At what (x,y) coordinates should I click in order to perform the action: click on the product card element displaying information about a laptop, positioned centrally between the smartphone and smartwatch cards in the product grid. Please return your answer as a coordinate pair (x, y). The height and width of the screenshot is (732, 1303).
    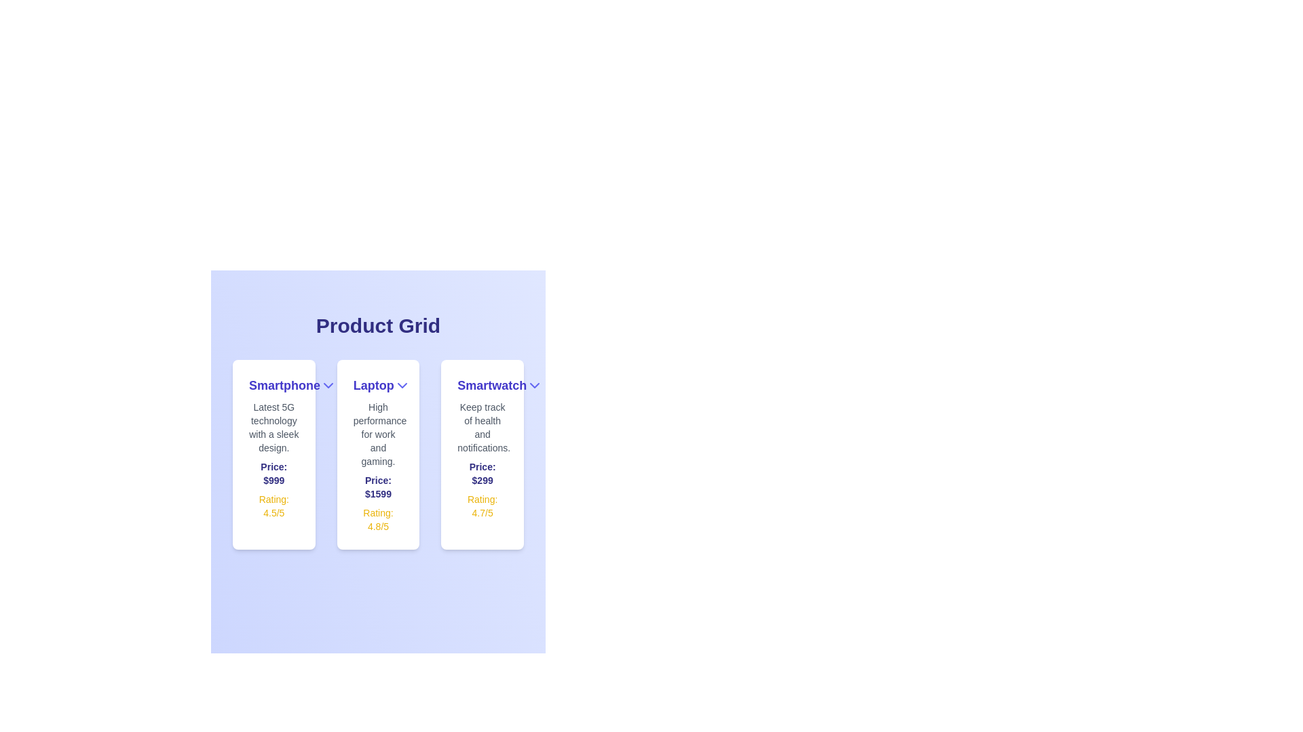
    Looking at the image, I should click on (378, 455).